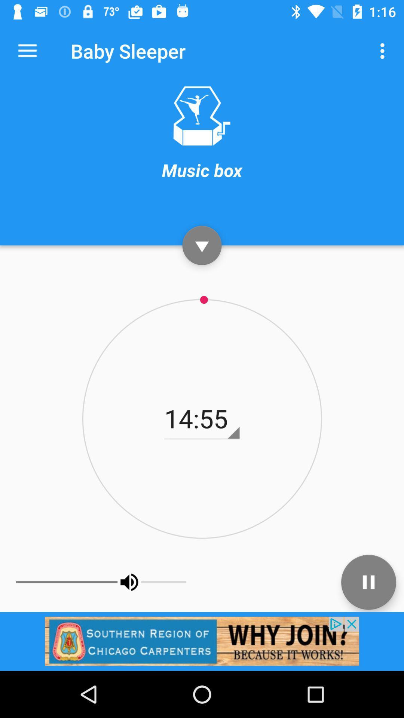 The width and height of the screenshot is (404, 718). What do you see at coordinates (368, 582) in the screenshot?
I see `pause track` at bounding box center [368, 582].